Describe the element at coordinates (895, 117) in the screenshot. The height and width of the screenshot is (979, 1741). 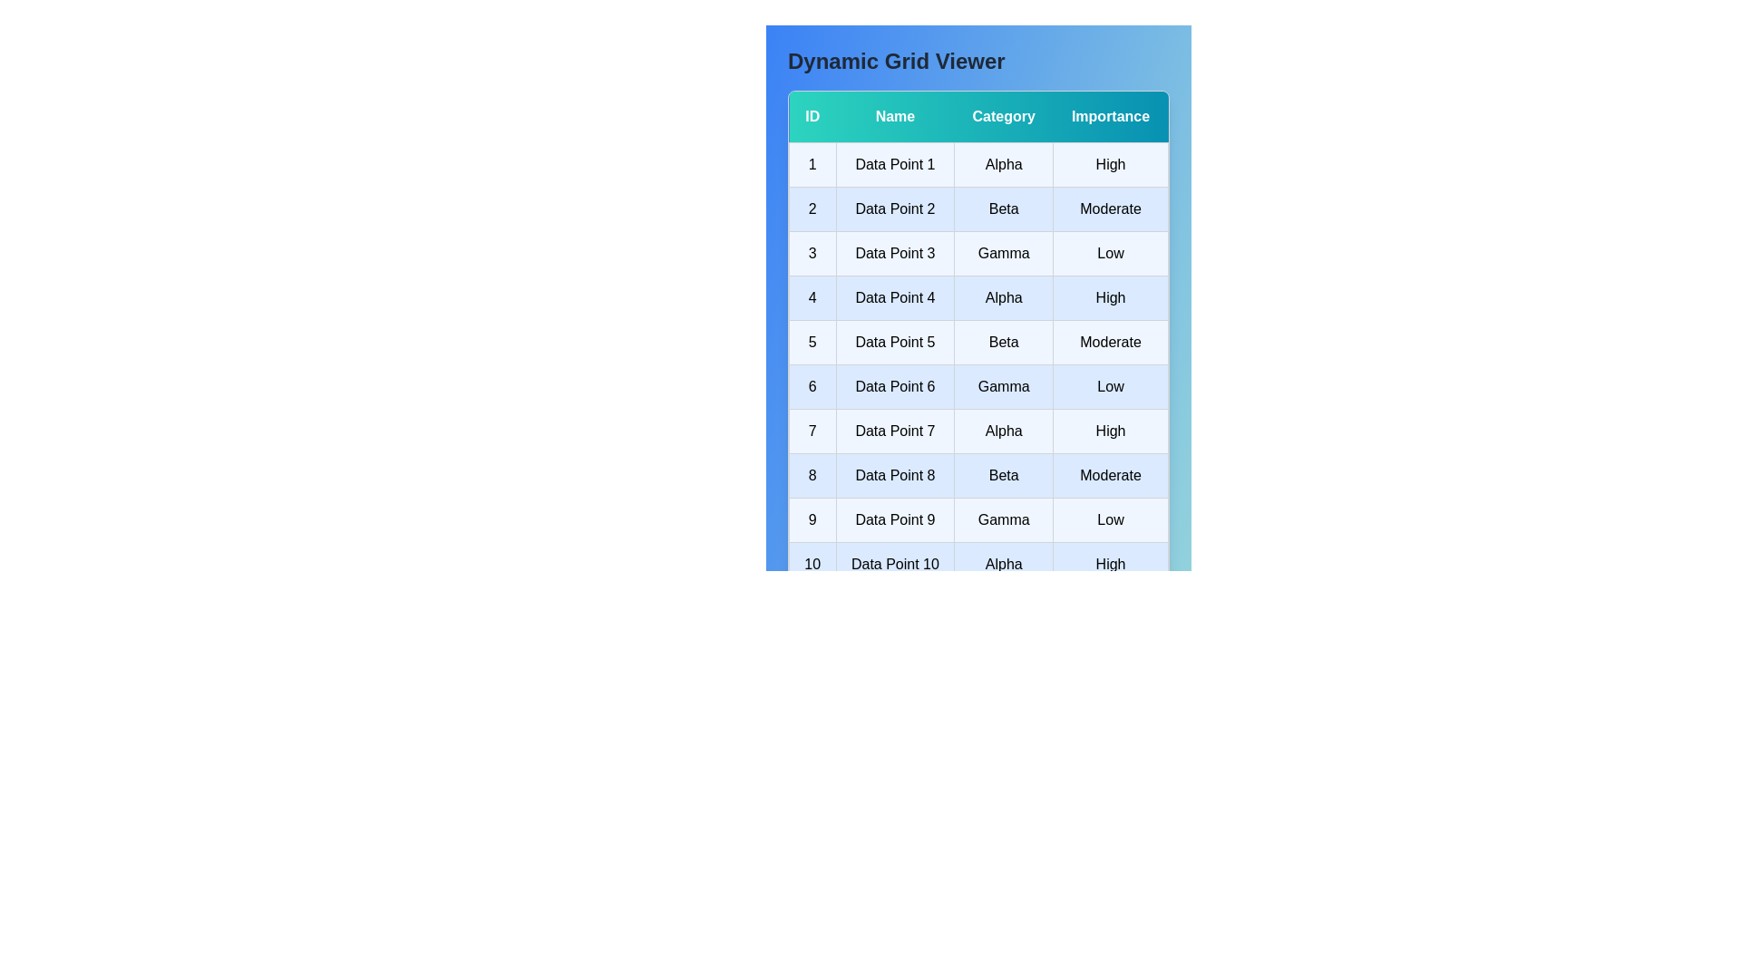
I see `the header labeled 'Name' to sort the table by the corresponding column` at that location.